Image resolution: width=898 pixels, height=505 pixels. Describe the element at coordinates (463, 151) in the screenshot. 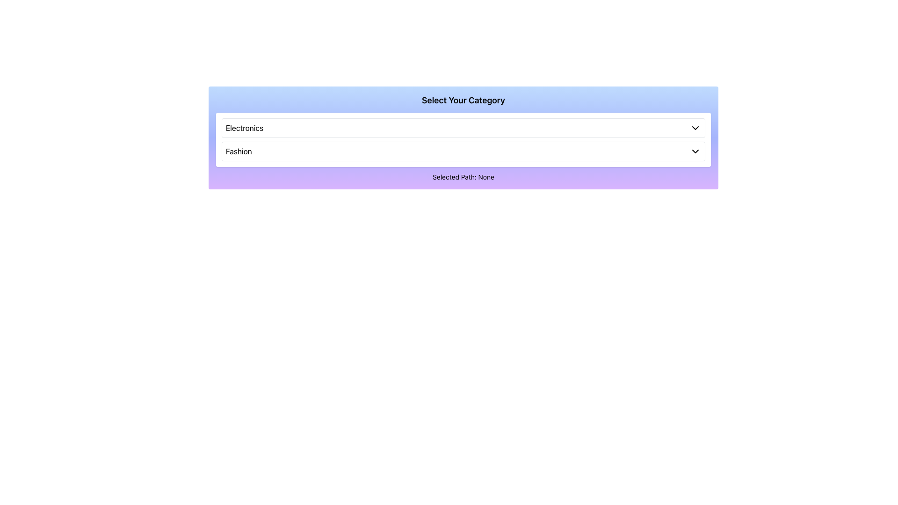

I see `the 'Fashion' selectable list item located below the 'Electronics' option in the dropdown menu` at that location.